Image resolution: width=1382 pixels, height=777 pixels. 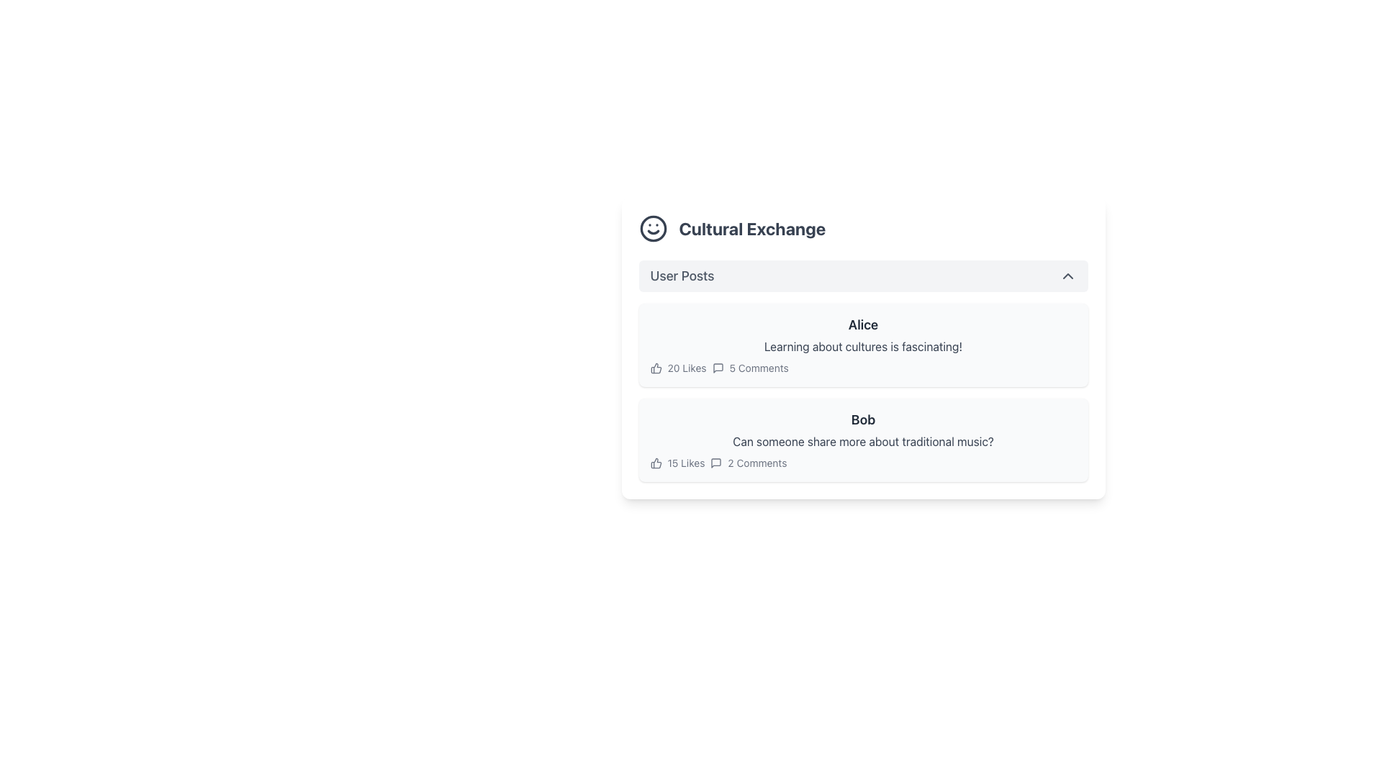 I want to click on the 'like' icon located to the left of '20 Likes' in the interaction metrics section of the post titled 'Alice', so click(x=655, y=368).